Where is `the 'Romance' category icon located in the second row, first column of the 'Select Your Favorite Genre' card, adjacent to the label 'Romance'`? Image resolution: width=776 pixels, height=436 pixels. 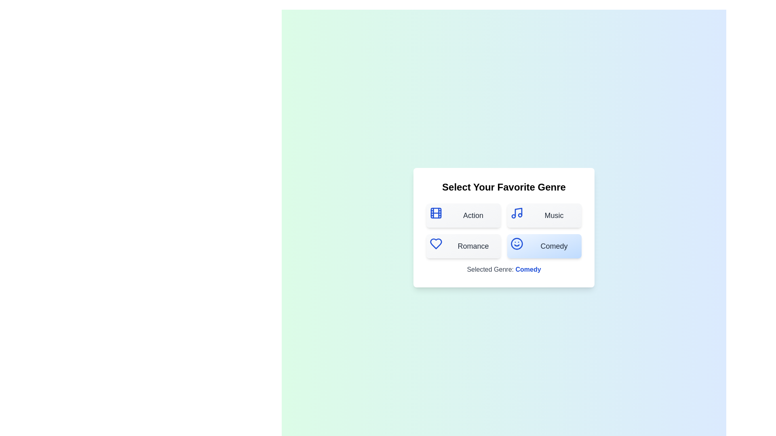
the 'Romance' category icon located in the second row, first column of the 'Select Your Favorite Genre' card, adjacent to the label 'Romance' is located at coordinates (436, 243).